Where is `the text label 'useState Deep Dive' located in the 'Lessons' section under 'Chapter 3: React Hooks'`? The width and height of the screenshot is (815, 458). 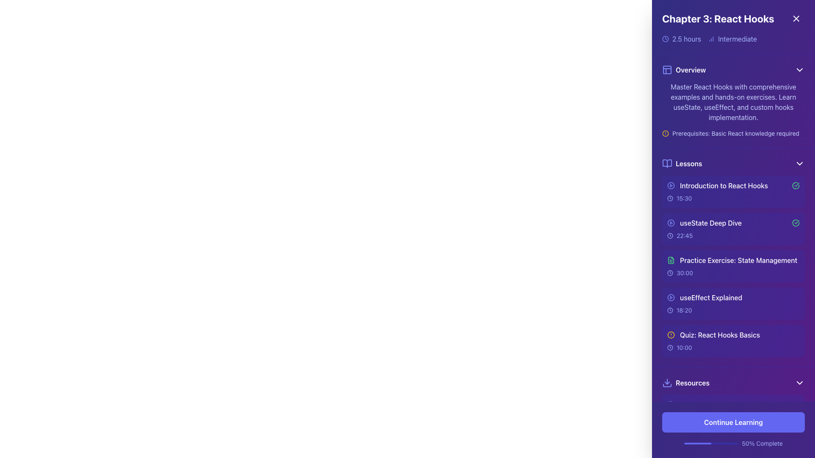 the text label 'useState Deep Dive' located in the 'Lessons' section under 'Chapter 3: React Hooks' is located at coordinates (733, 222).